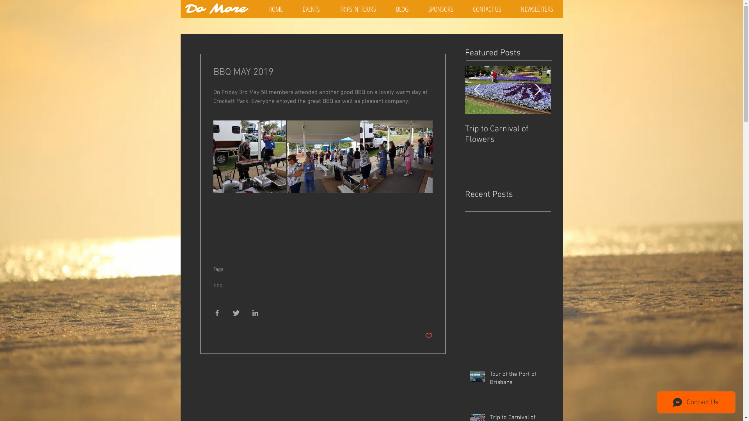 This screenshot has height=421, width=749. I want to click on 'TRIPS 'N' TOURS', so click(357, 9).